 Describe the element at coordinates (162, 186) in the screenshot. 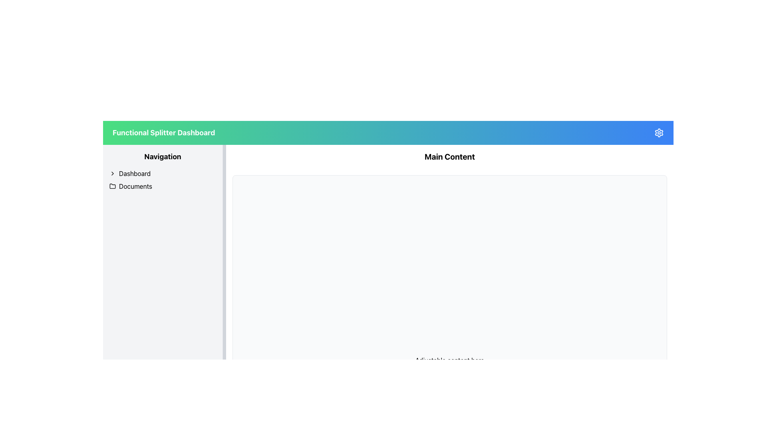

I see `the 'Documents' navigation item, which is the second item in the vertical navigation bar` at that location.